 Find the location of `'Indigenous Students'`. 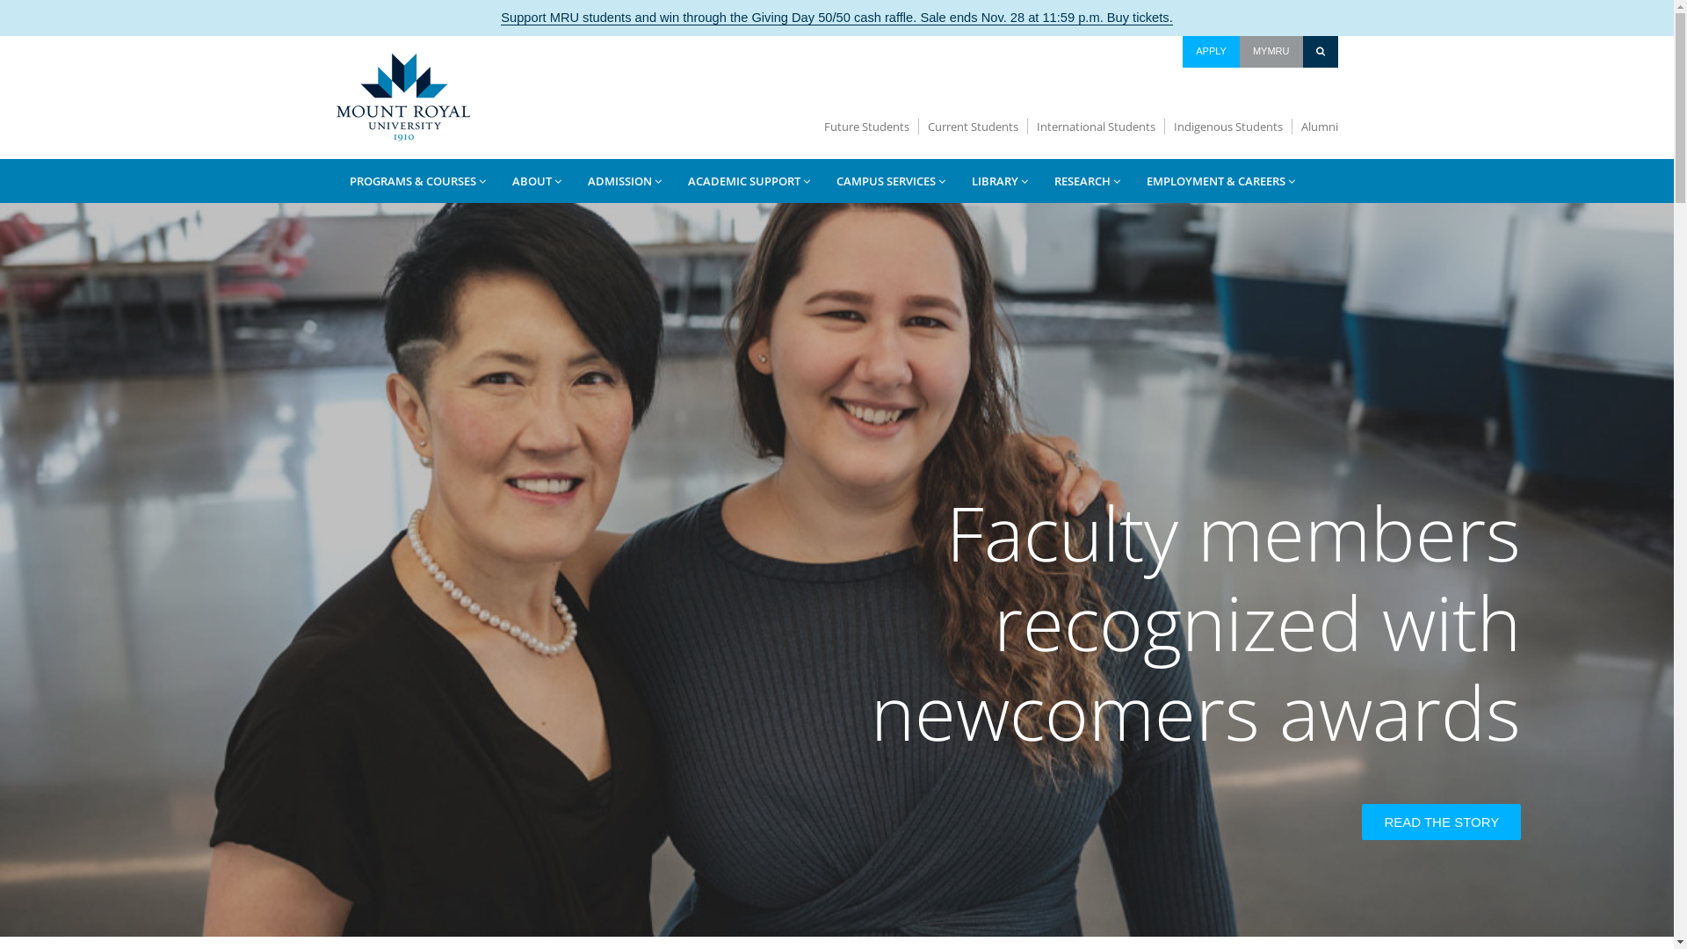

'Indigenous Students' is located at coordinates (1227, 126).